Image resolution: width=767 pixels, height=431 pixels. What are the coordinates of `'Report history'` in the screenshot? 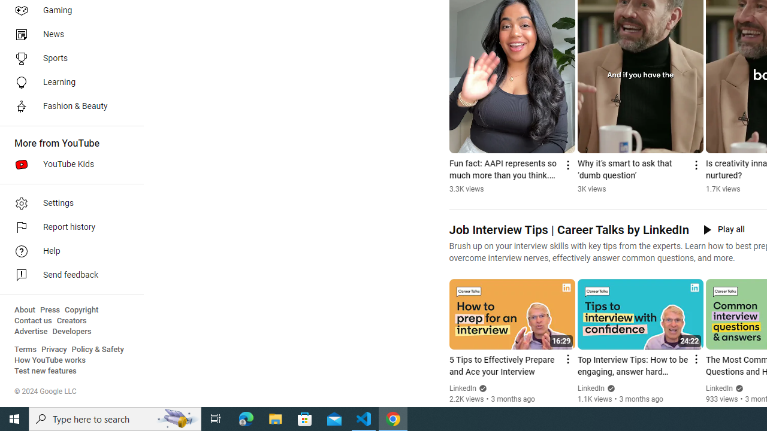 It's located at (67, 227).